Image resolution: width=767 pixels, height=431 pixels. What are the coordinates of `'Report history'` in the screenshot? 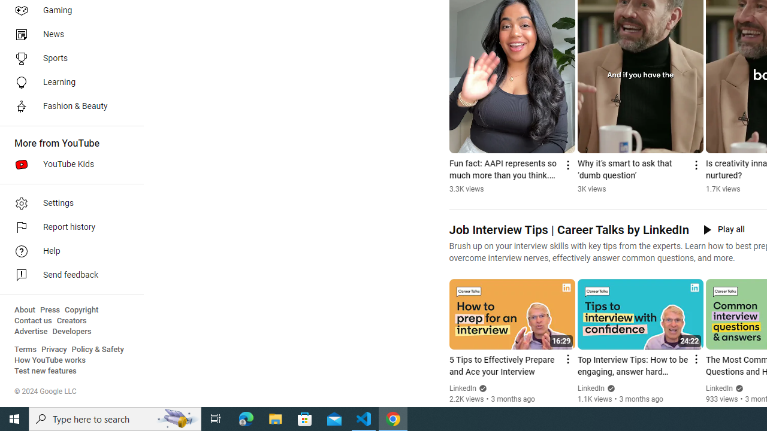 It's located at (67, 227).